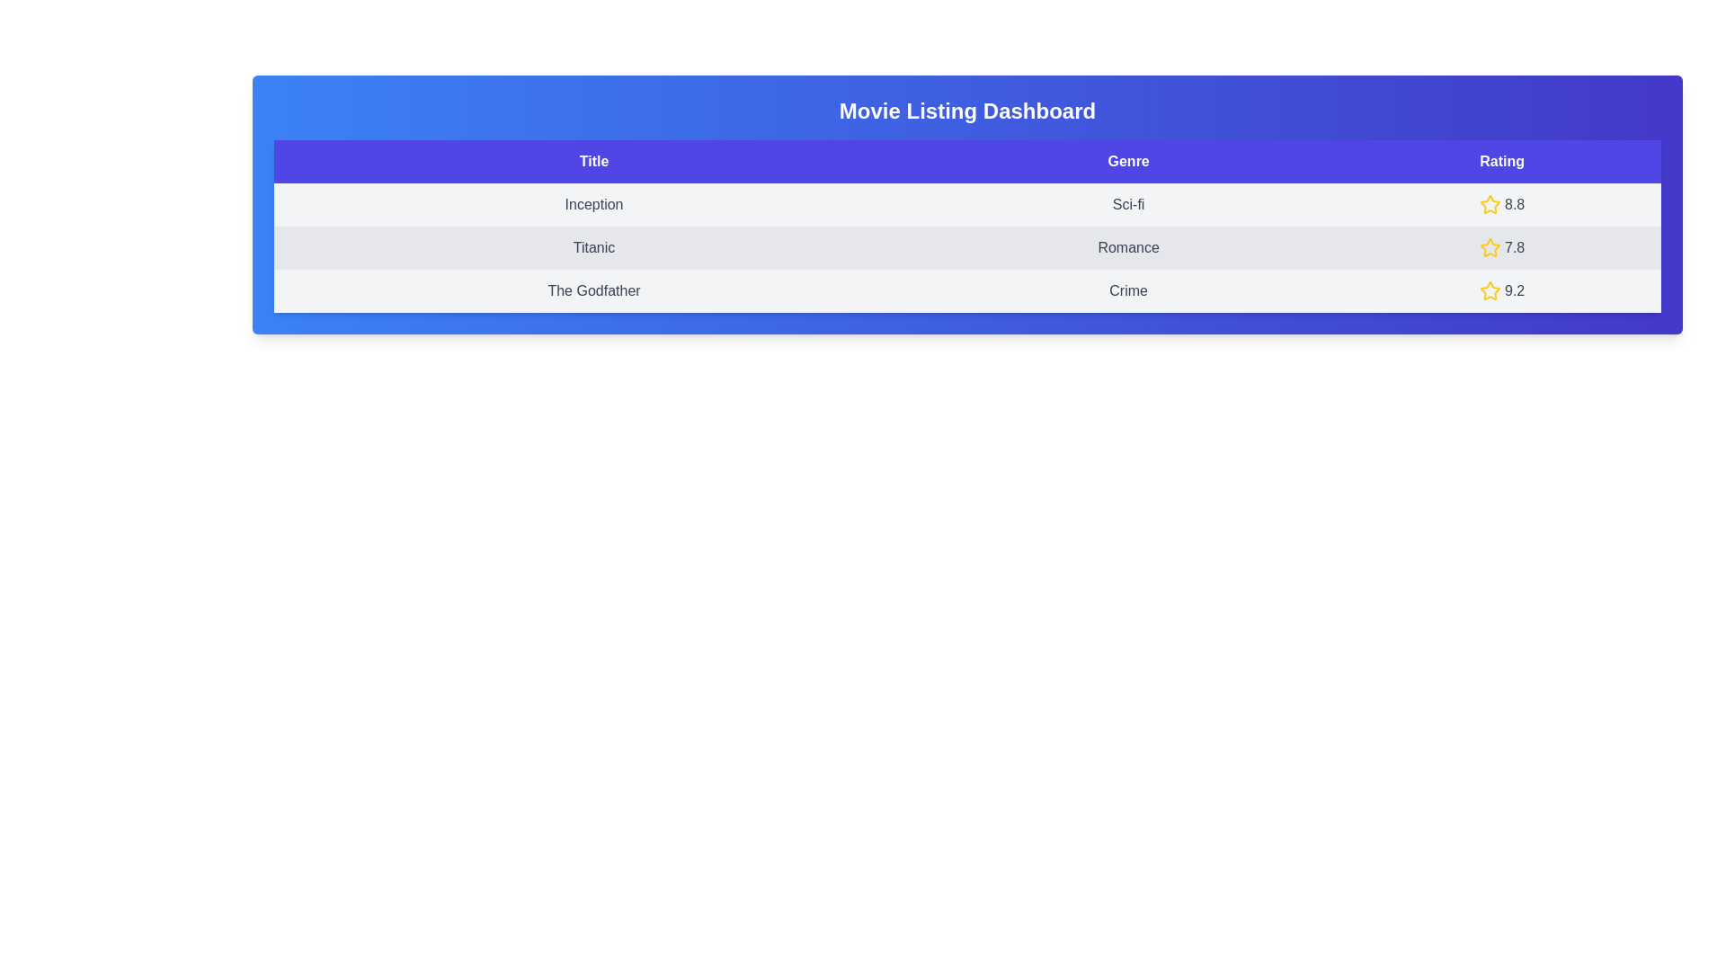 The width and height of the screenshot is (1726, 971). I want to click on the star icon representing the rating for 'The Godfather' movie entry, located in the 'Rating' column as the first visual component, so click(1490, 290).